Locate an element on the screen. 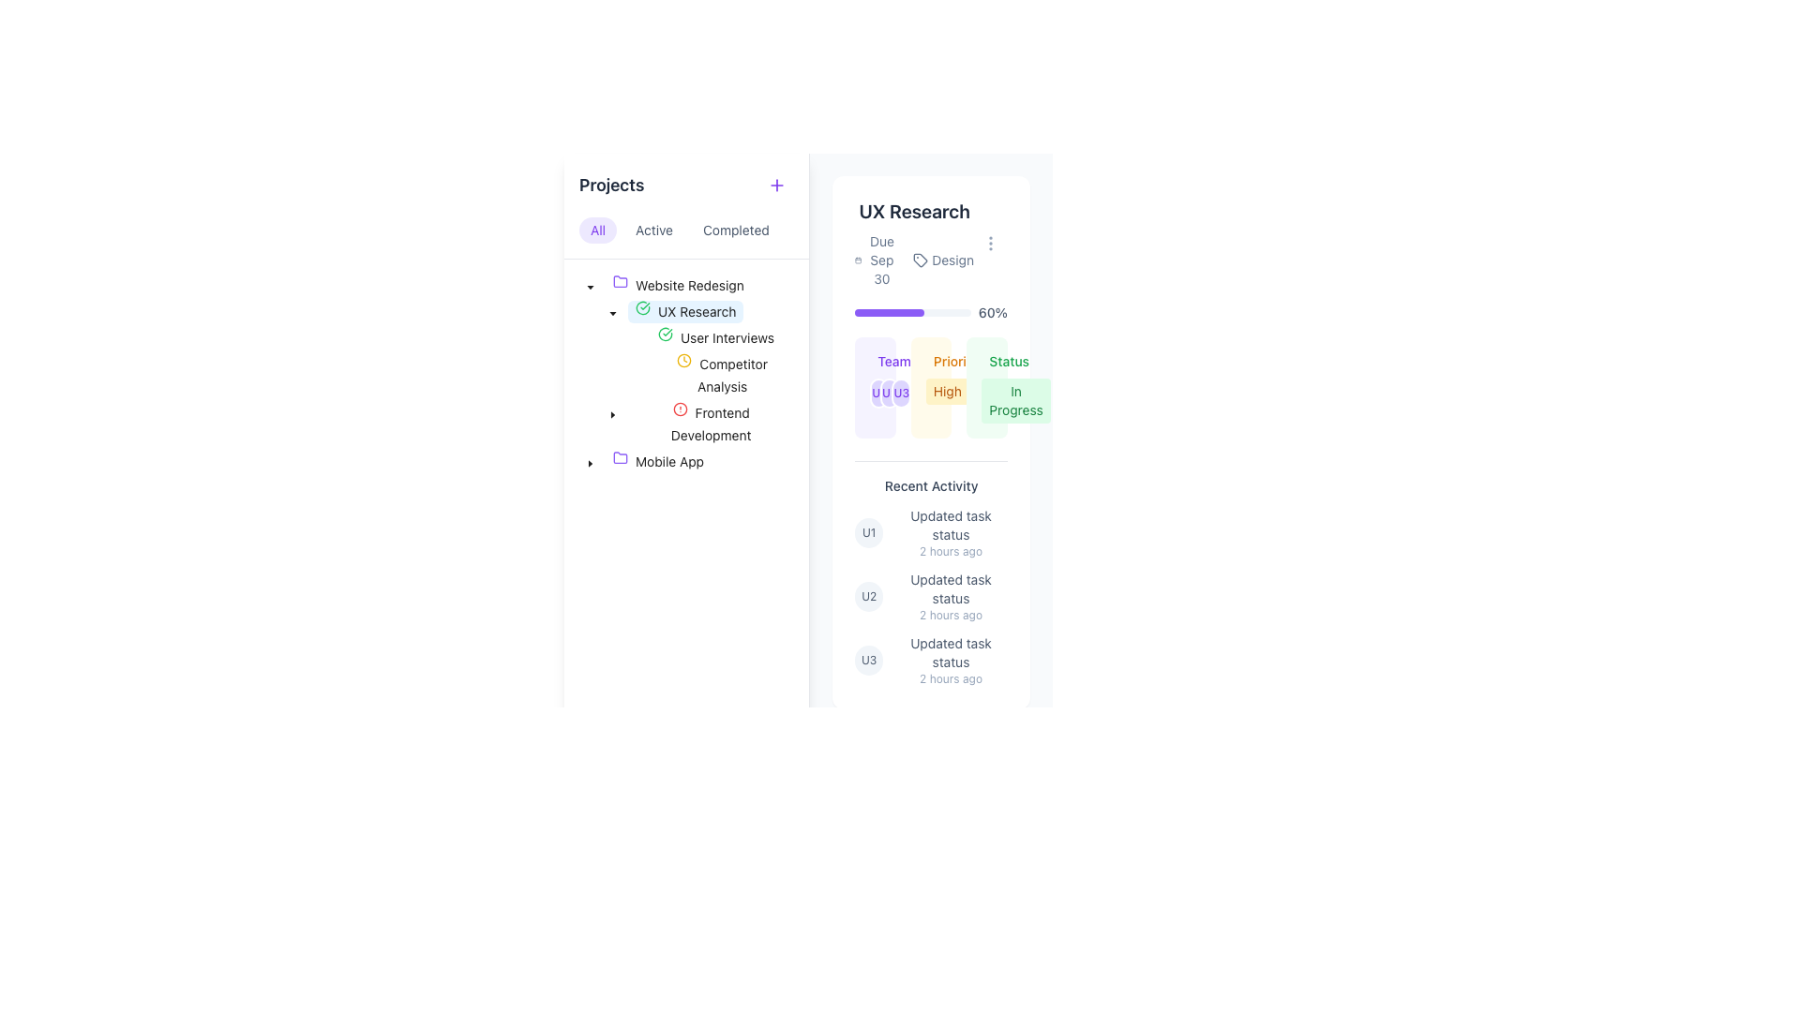 This screenshot has width=1800, height=1012. the icon located to the left of the 'Design' label in the top-right section of the 'UX Research' card is located at coordinates (921, 260).